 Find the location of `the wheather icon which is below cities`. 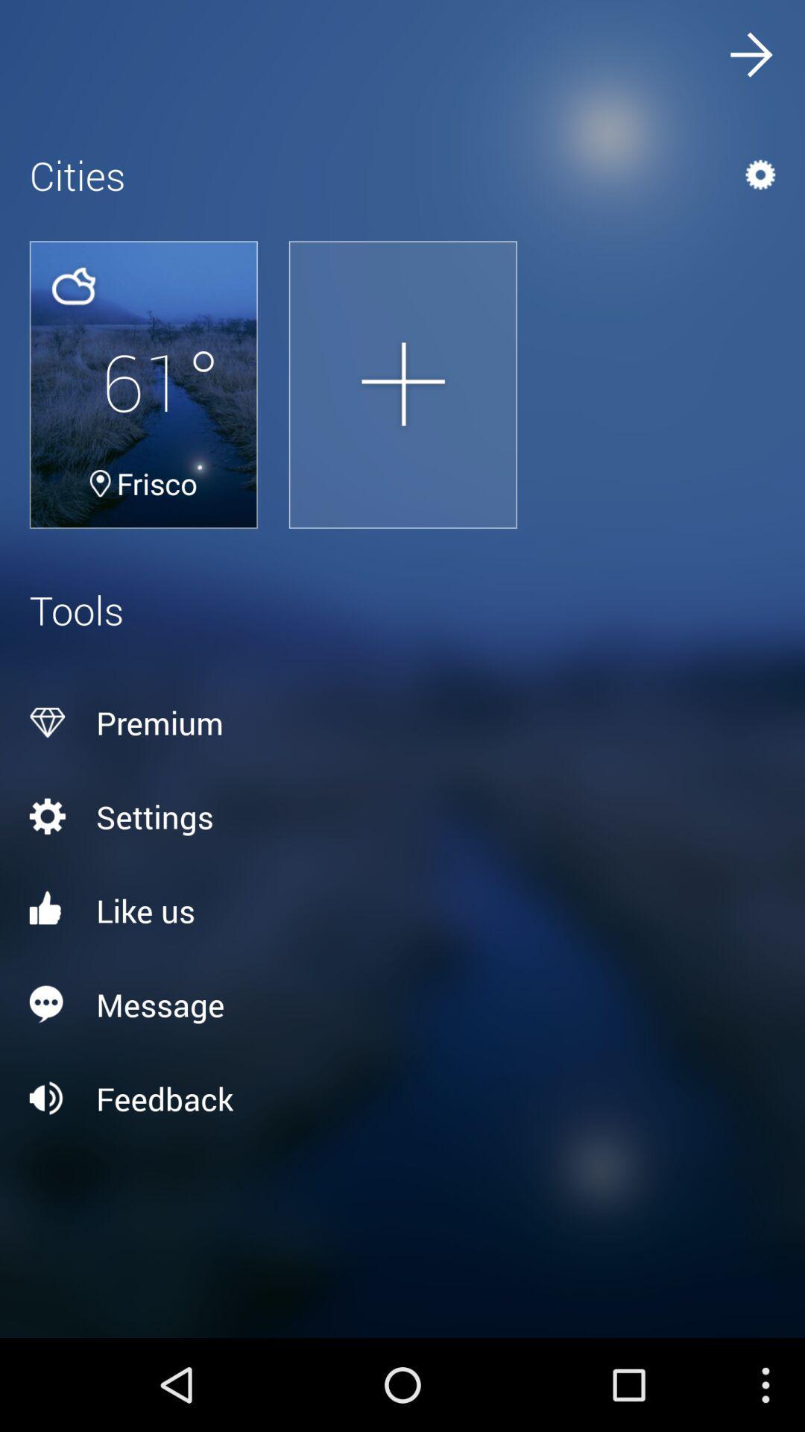

the wheather icon which is below cities is located at coordinates (73, 286).